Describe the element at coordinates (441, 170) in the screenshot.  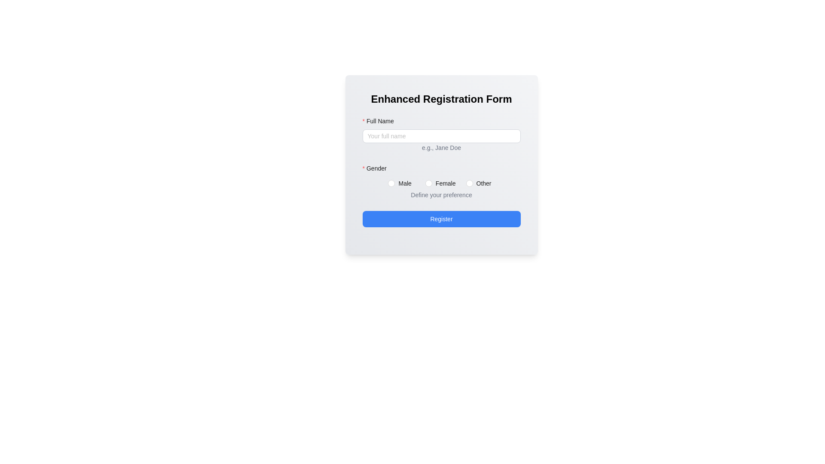
I see `the 'Gender' label, which is styled in bold black text with a red asterisk indicating a mandatory field, located near the top-left region of the form, above the radio button options for selecting gender` at that location.